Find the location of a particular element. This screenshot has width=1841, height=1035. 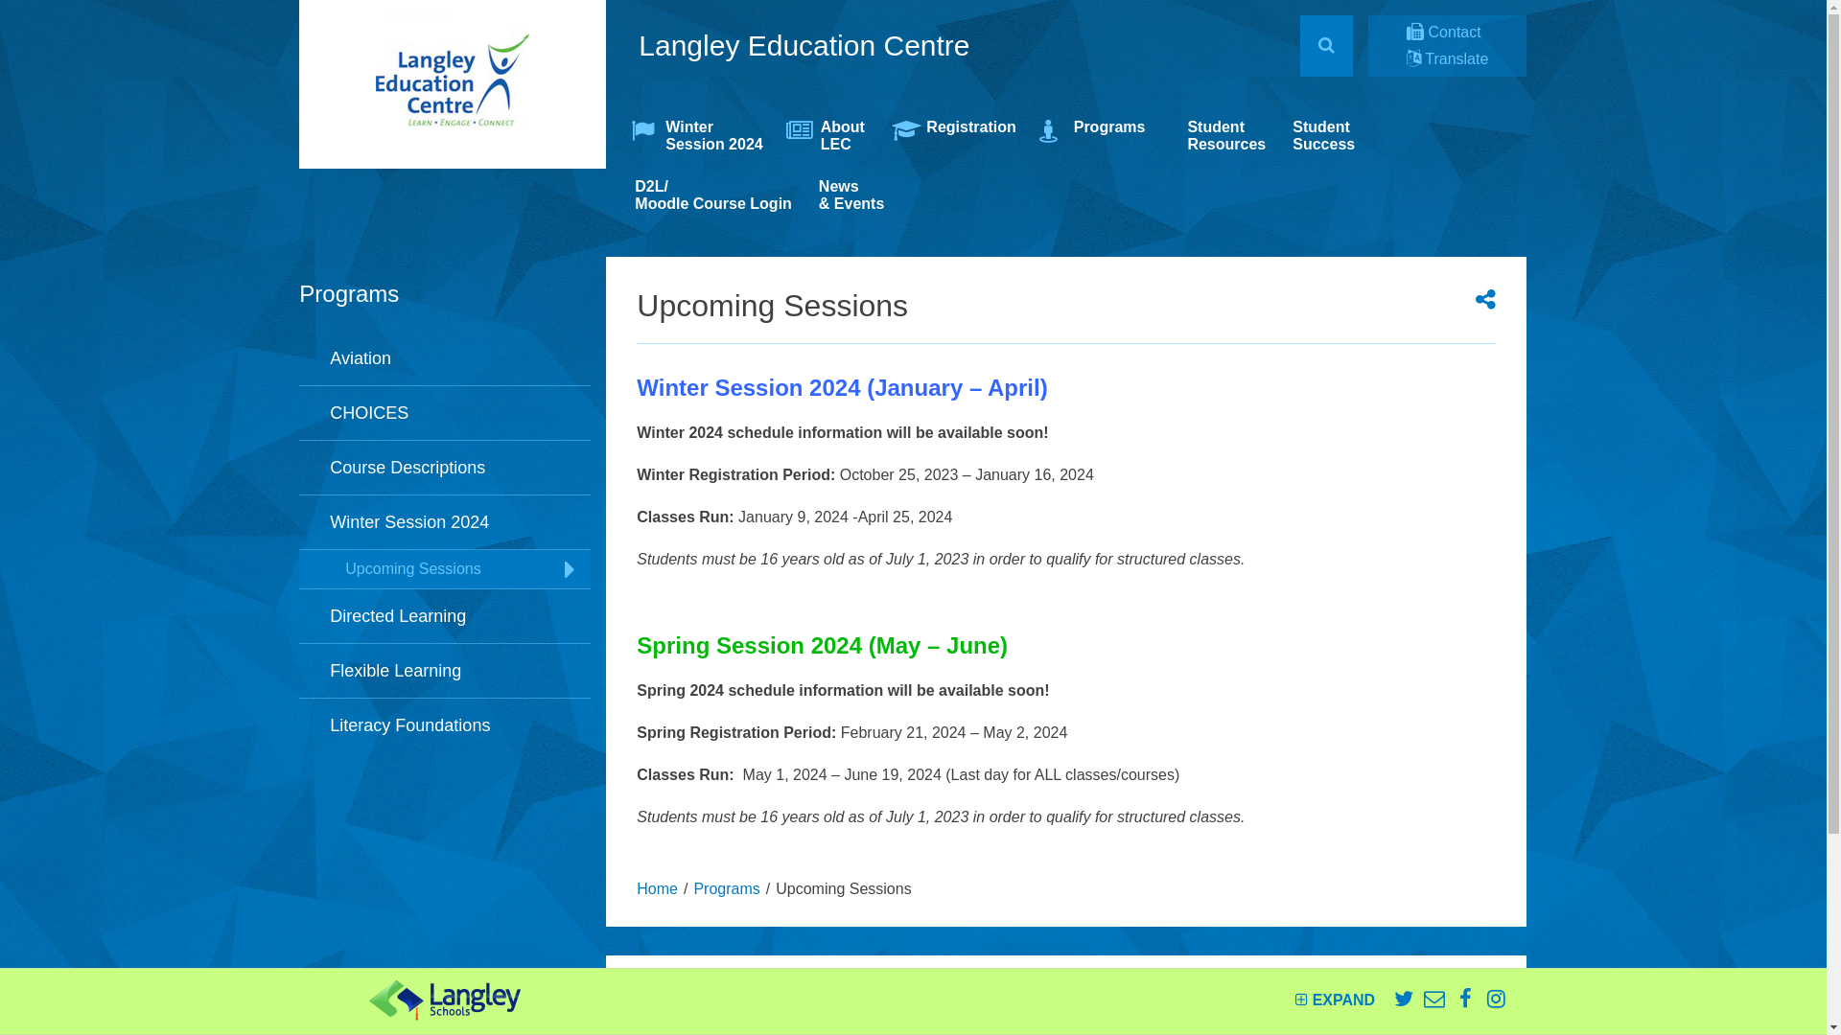

'Flexible Learning' is located at coordinates (444, 670).